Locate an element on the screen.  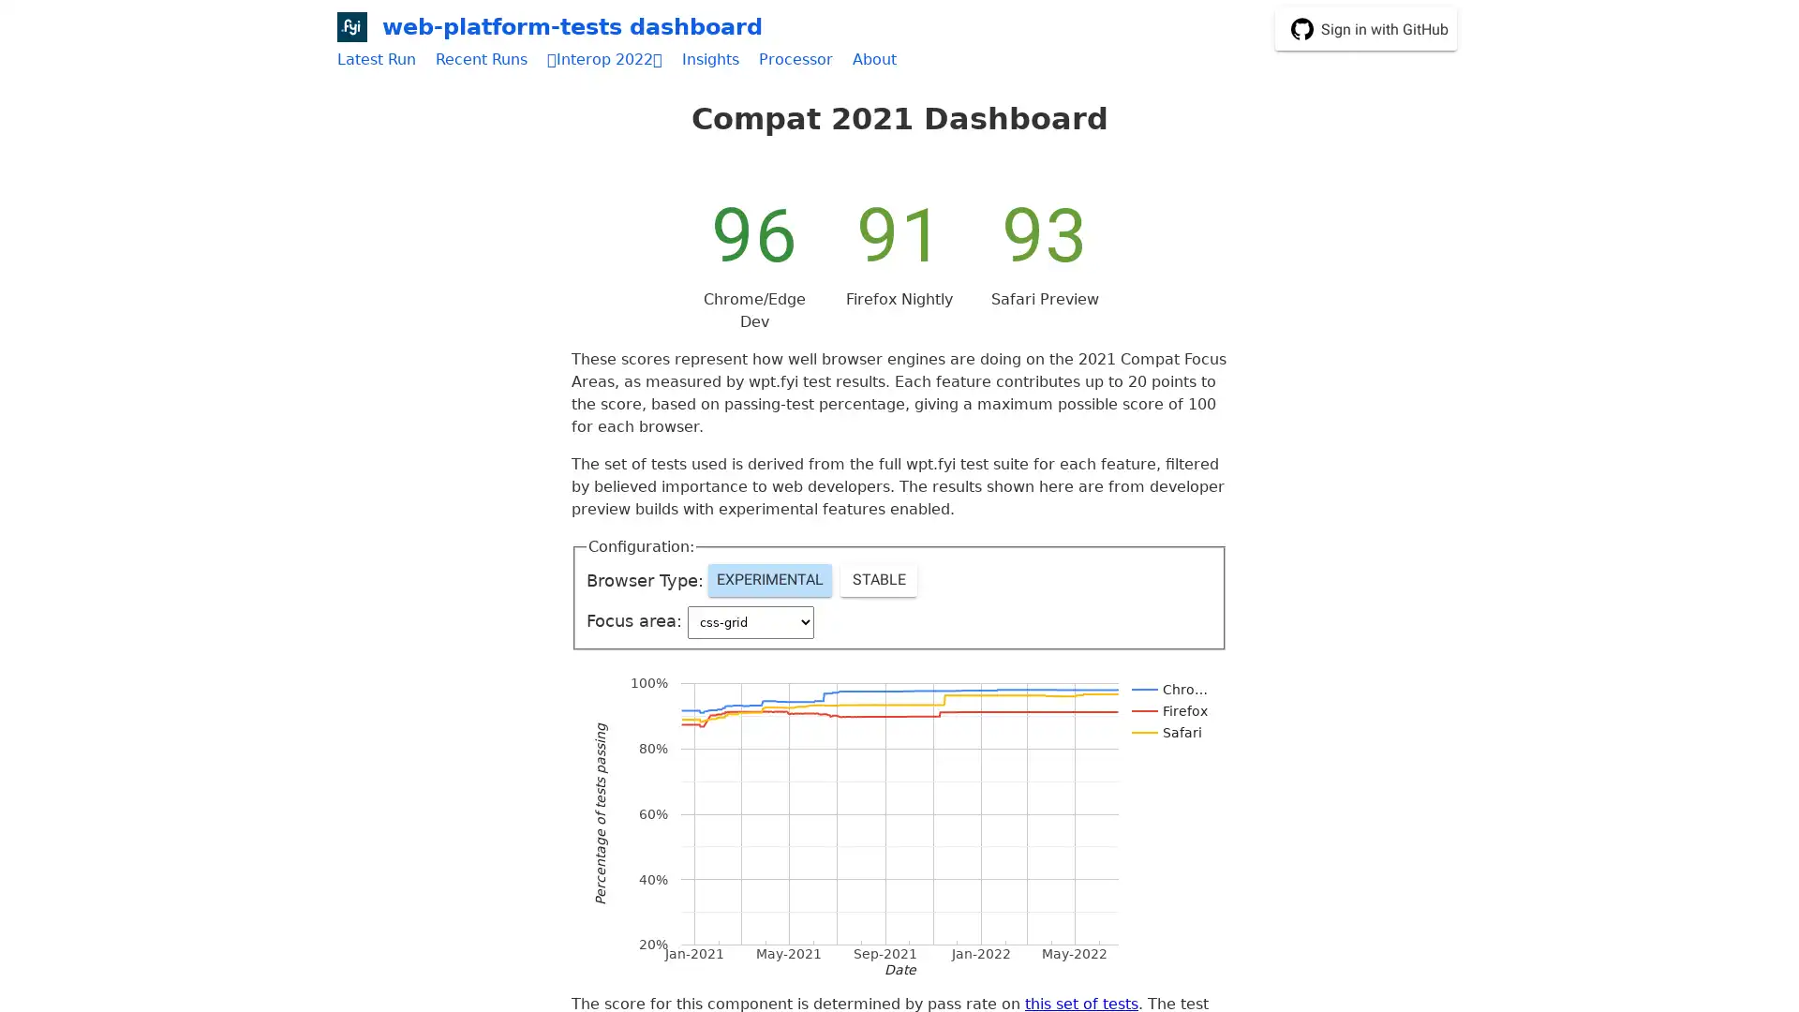
EXPERIMENTAL is located at coordinates (768, 578).